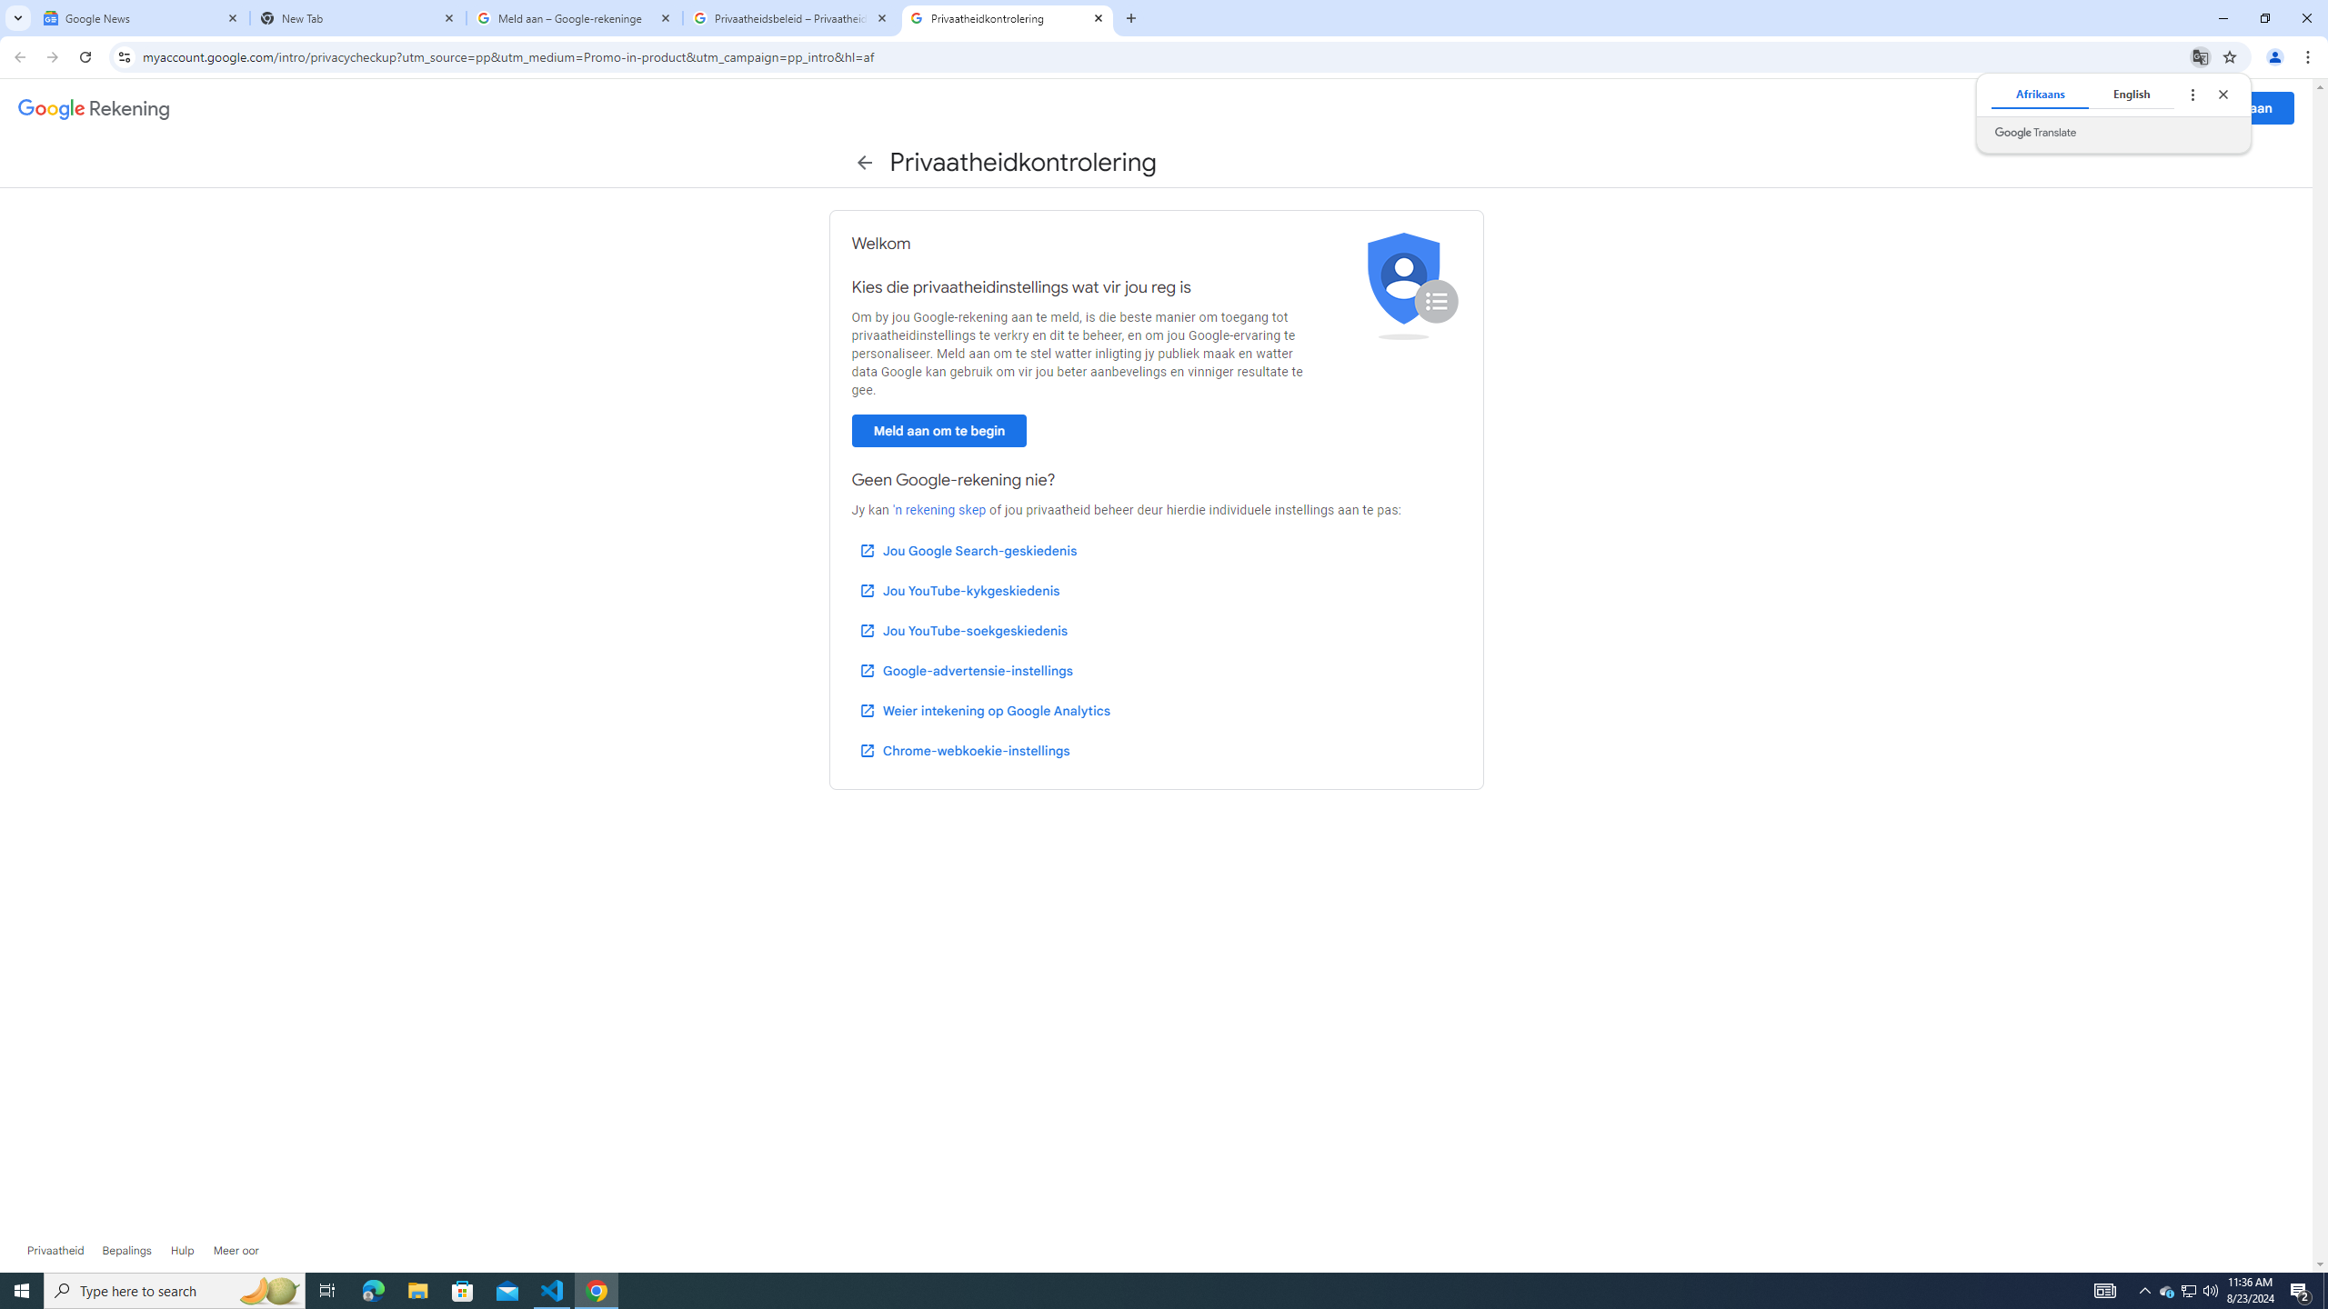  What do you see at coordinates (141, 17) in the screenshot?
I see `'Google News'` at bounding box center [141, 17].